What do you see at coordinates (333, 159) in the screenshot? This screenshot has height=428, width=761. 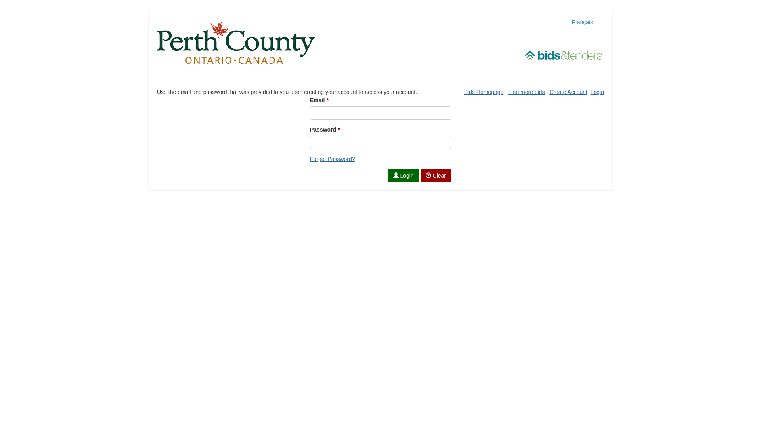 I see `'Forgot Password?'` at bounding box center [333, 159].